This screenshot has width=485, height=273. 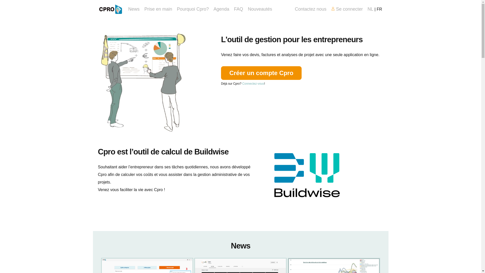 What do you see at coordinates (110, 9) in the screenshot?
I see `'Home'` at bounding box center [110, 9].